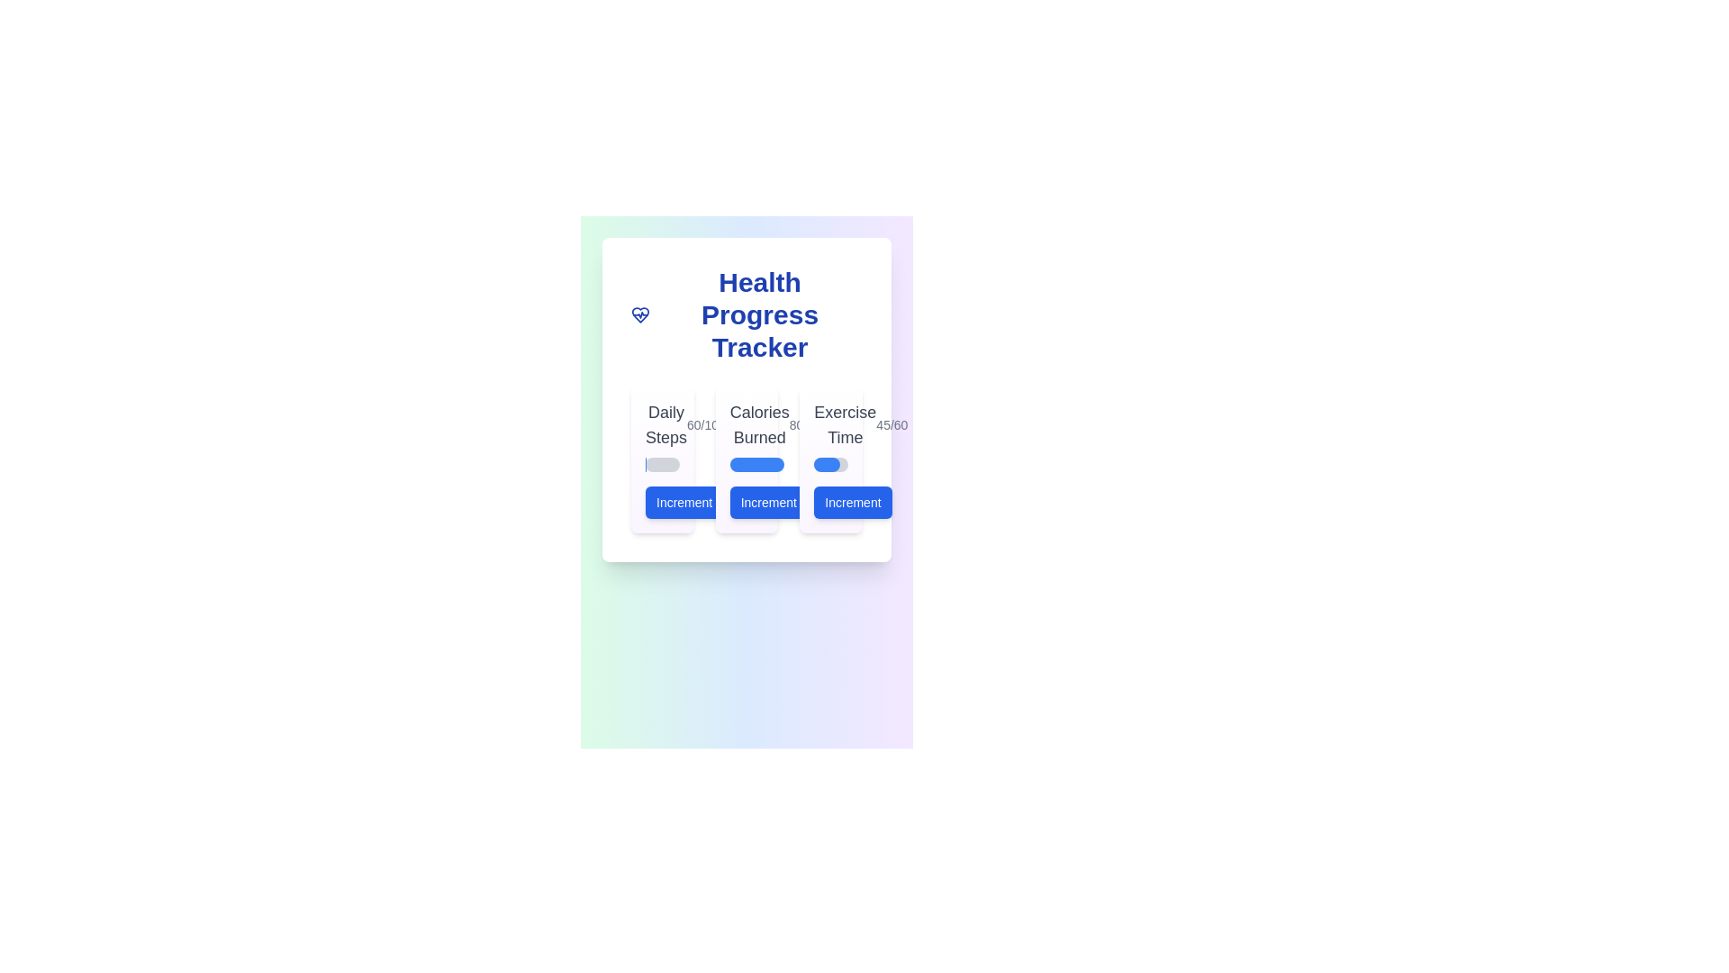 The width and height of the screenshot is (1729, 973). What do you see at coordinates (747, 424) in the screenshot?
I see `the Text Label that displays information about the calories burned in a day relative to a target, located in the upper section of the middle card among three cards` at bounding box center [747, 424].